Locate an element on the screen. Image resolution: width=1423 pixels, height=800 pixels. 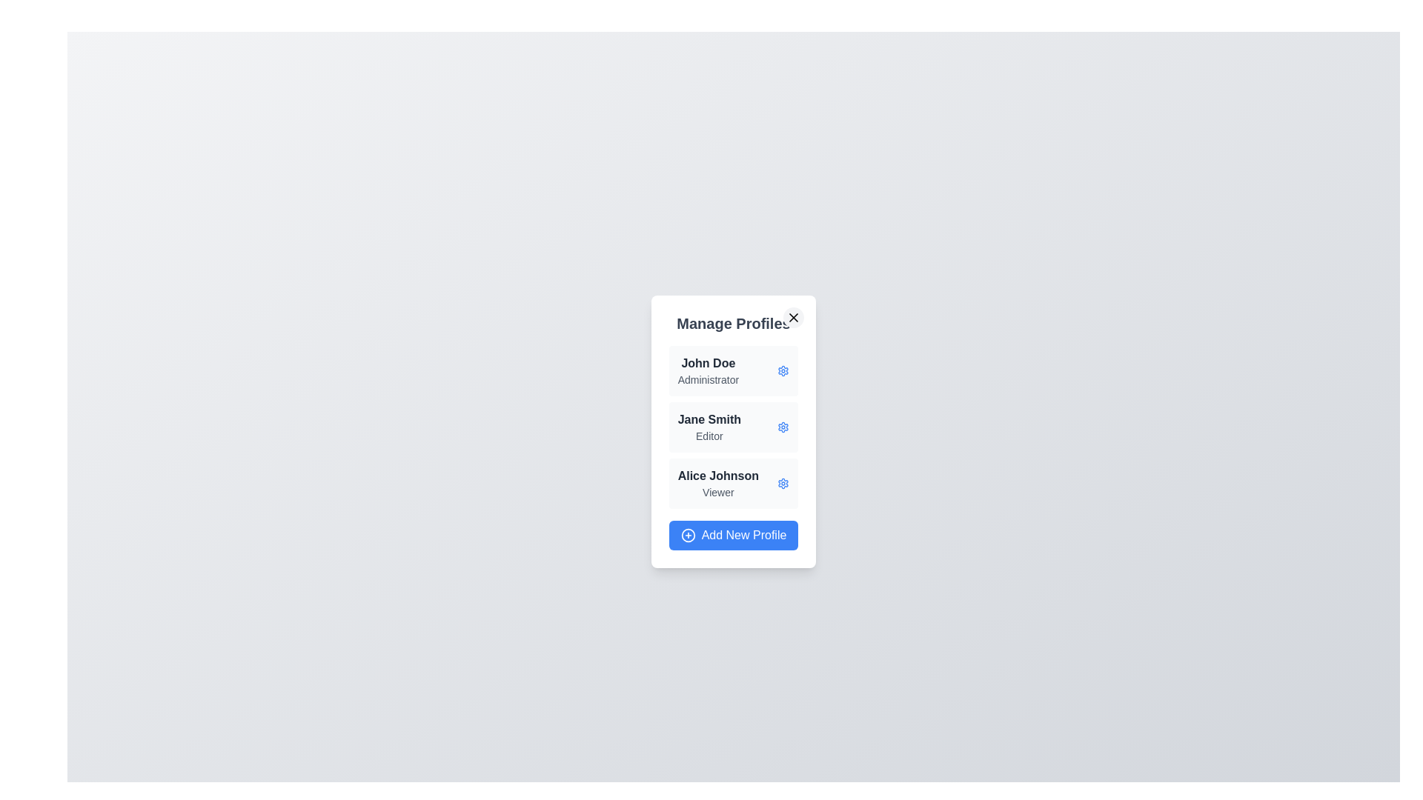
'Add New Profile' button is located at coordinates (733, 535).